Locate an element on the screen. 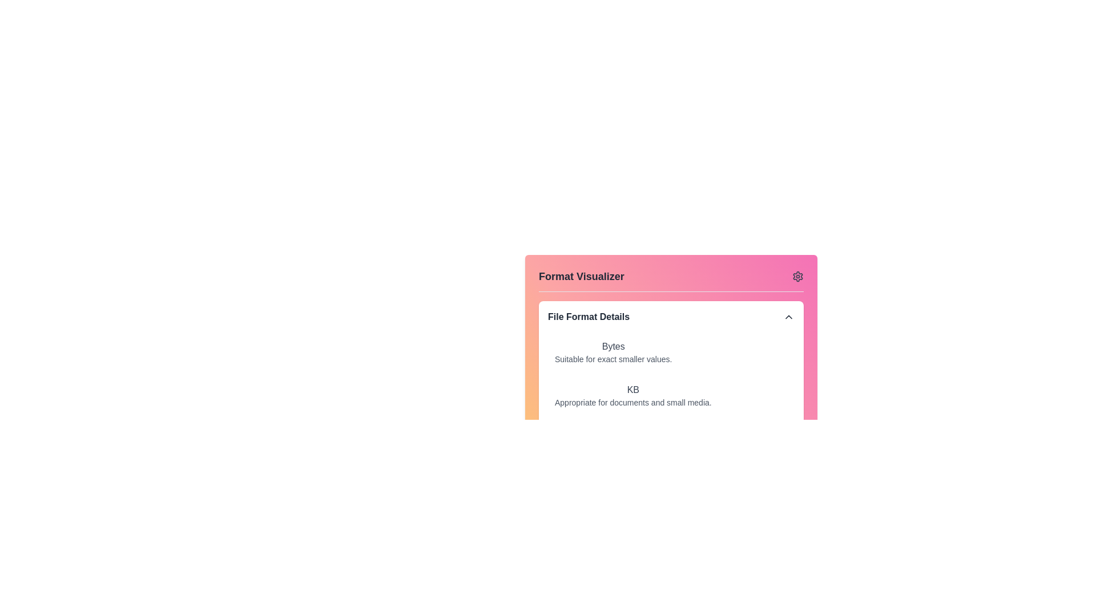 Image resolution: width=1096 pixels, height=616 pixels. the first selectable list item titled 'Bytes' that is highlighted on mouse over, which is positioned above the 'KB' option in the storage unit options list is located at coordinates (671, 351).